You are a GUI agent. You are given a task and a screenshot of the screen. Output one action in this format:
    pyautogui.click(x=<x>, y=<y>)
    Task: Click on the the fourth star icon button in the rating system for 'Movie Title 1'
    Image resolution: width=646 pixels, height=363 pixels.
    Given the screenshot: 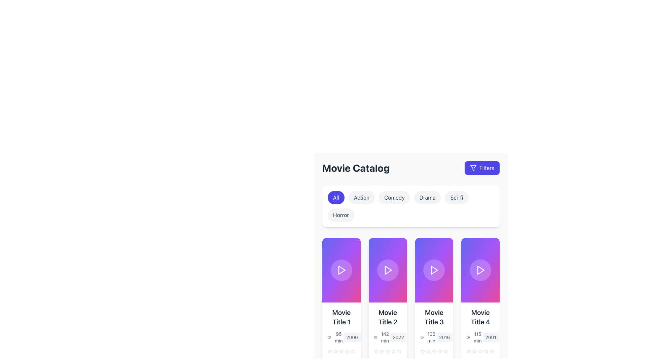 What is the action you would take?
    pyautogui.click(x=341, y=351)
    